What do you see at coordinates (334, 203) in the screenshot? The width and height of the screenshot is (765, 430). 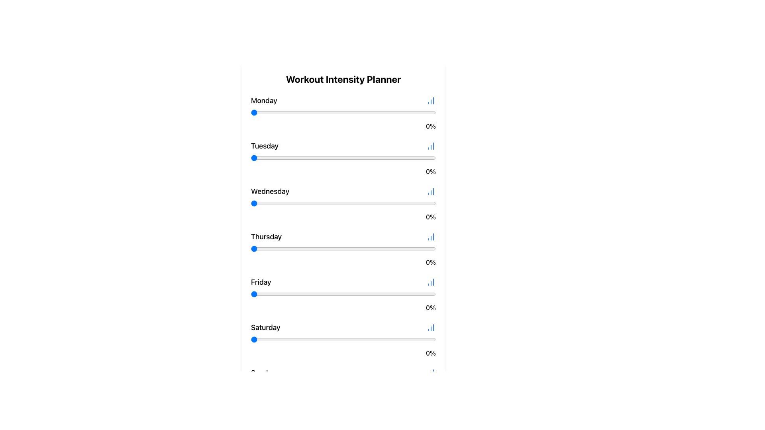 I see `the Wednesday workout intensity` at bounding box center [334, 203].